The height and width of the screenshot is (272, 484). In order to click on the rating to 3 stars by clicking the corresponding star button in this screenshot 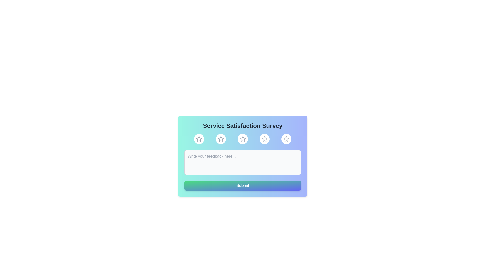, I will do `click(243, 139)`.